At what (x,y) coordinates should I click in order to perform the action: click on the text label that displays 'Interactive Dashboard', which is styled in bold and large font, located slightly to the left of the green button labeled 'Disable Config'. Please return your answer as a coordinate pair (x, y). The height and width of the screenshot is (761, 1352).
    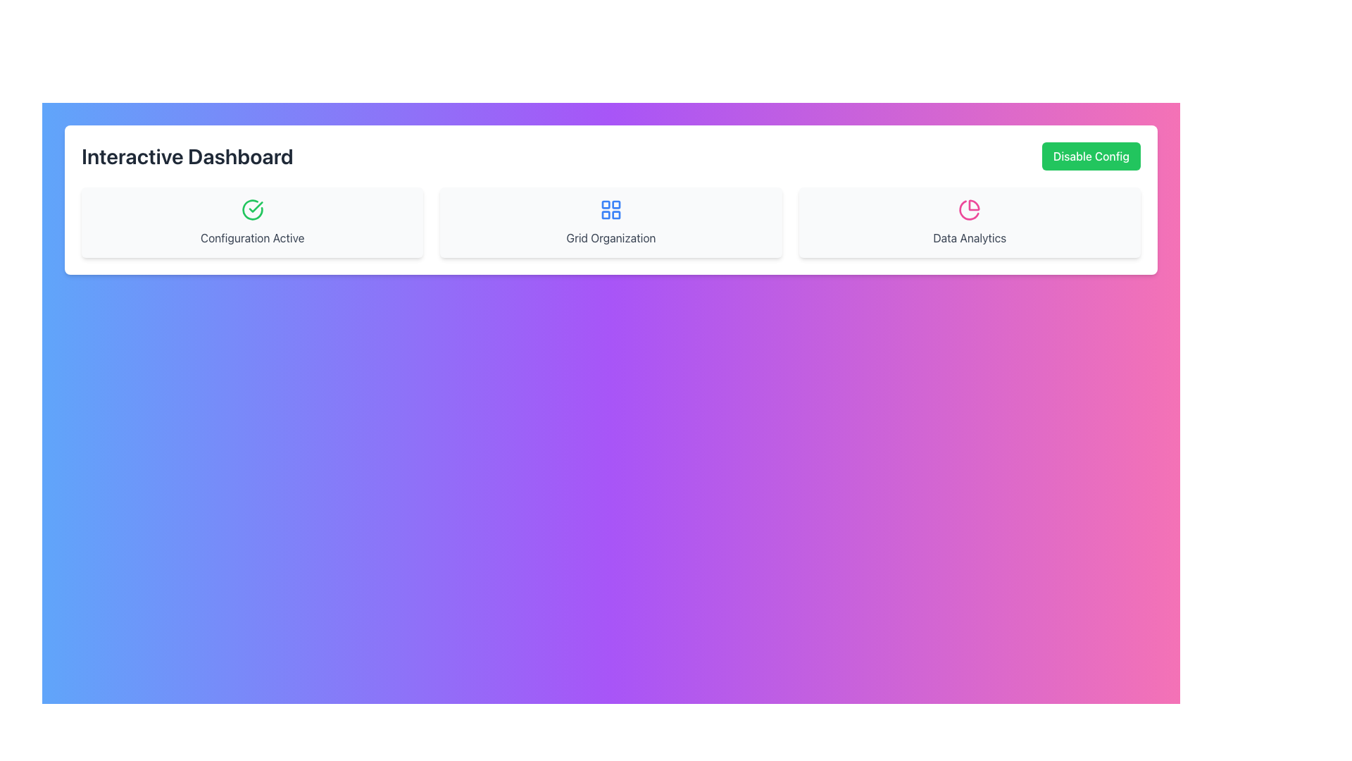
    Looking at the image, I should click on (187, 156).